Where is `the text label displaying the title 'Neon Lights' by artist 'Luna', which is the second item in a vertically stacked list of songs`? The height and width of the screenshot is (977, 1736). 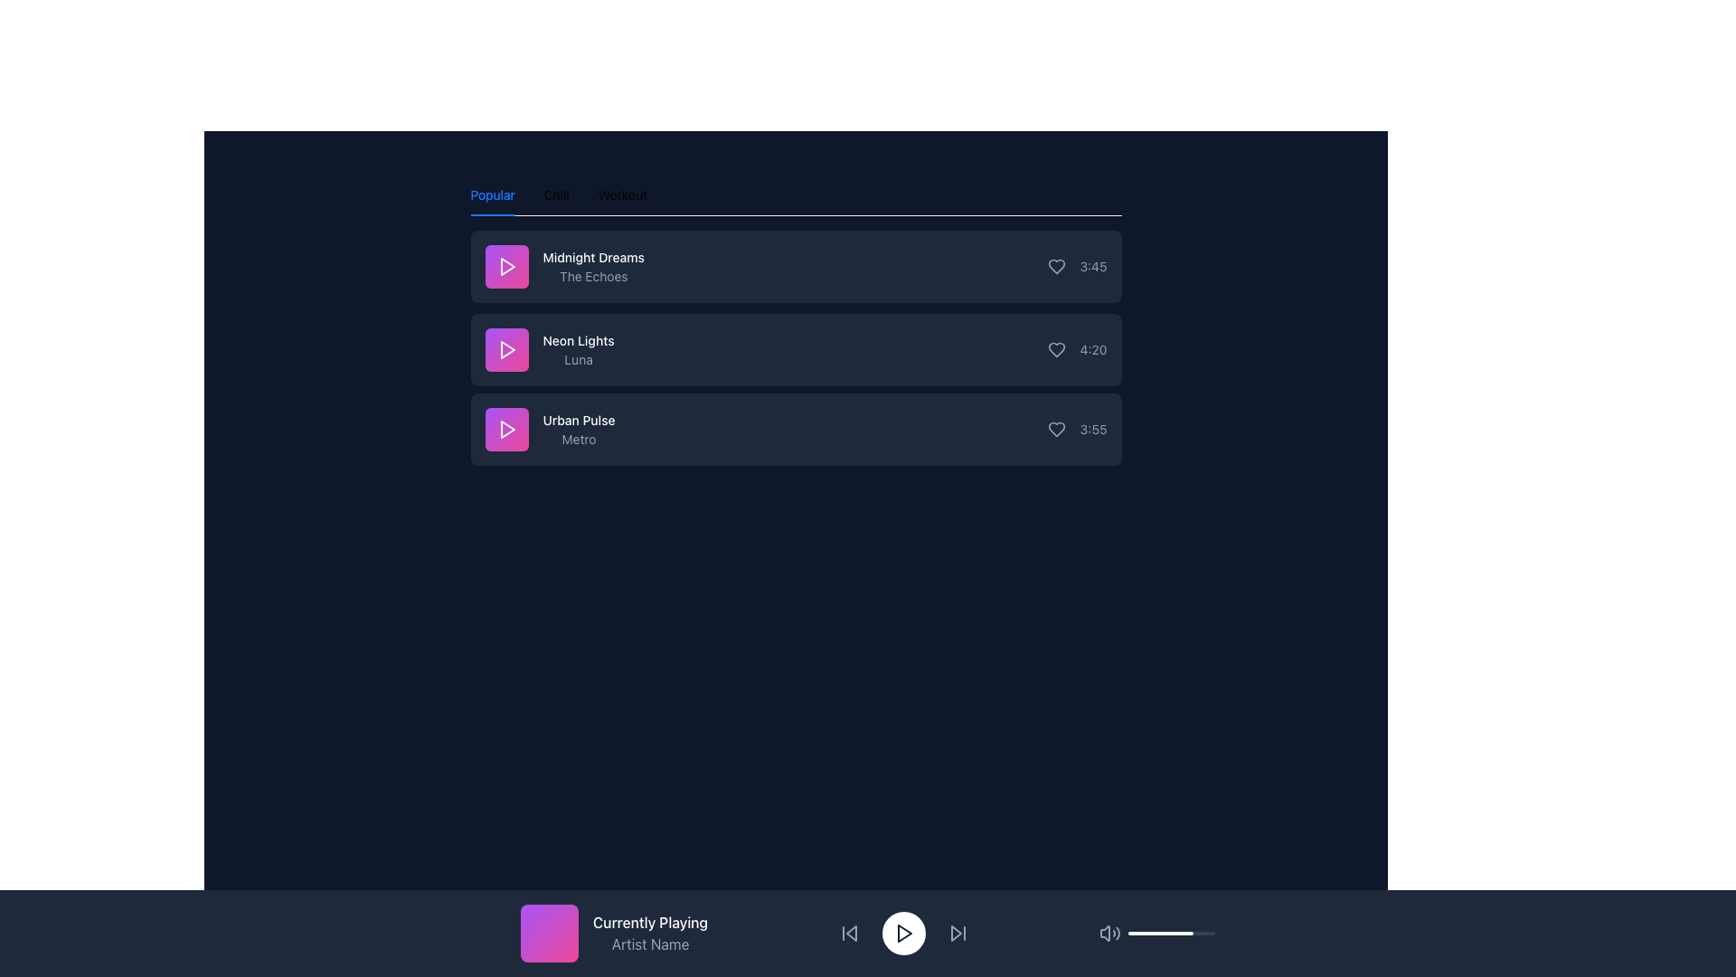
the text label displaying the title 'Neon Lights' by artist 'Luna', which is the second item in a vertically stacked list of songs is located at coordinates (579, 349).